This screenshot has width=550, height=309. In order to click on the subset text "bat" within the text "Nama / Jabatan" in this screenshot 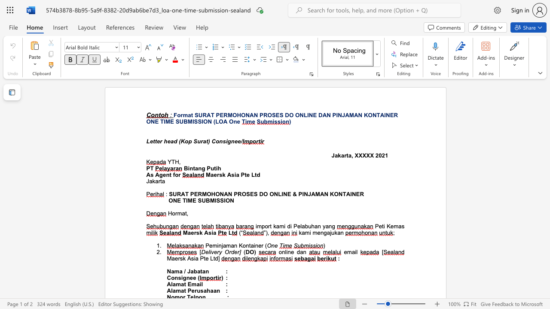, I will do `click(193, 271)`.